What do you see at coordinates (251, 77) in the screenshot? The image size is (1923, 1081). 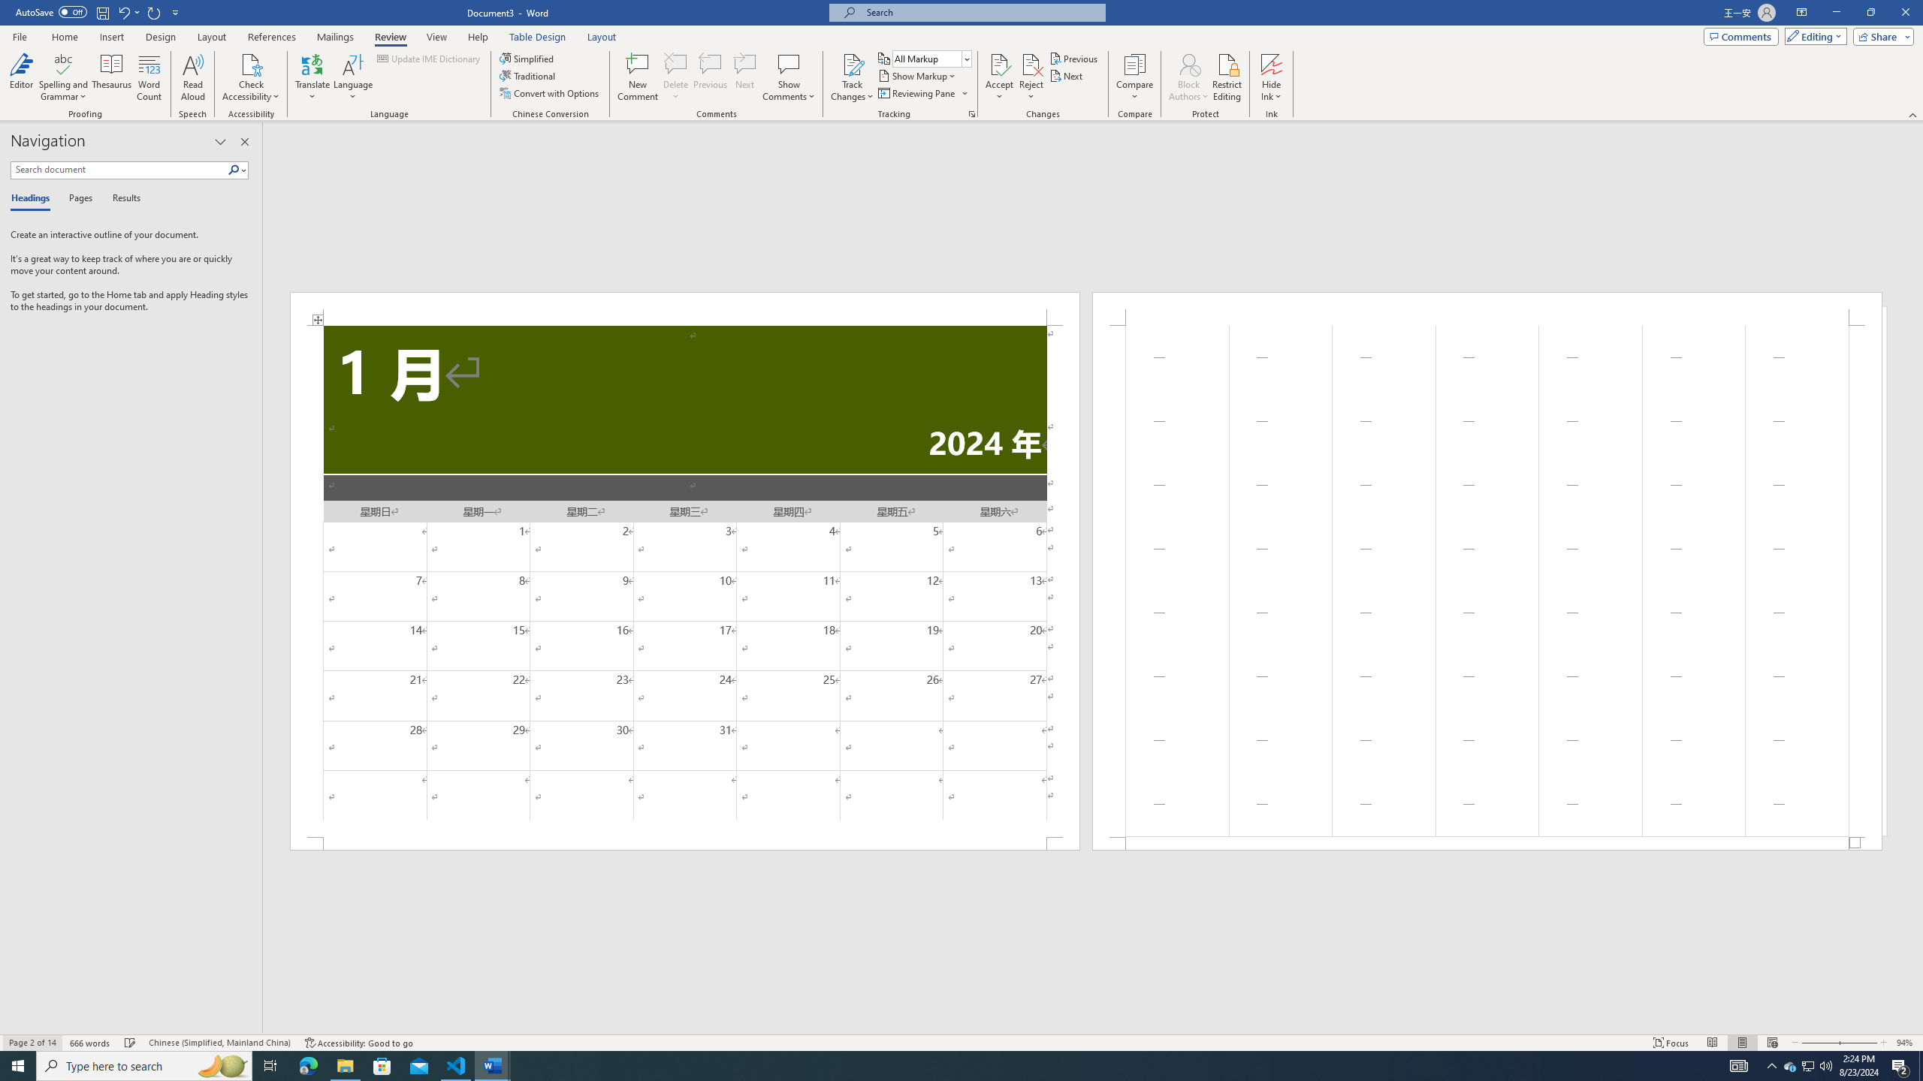 I see `'Check Accessibility'` at bounding box center [251, 77].